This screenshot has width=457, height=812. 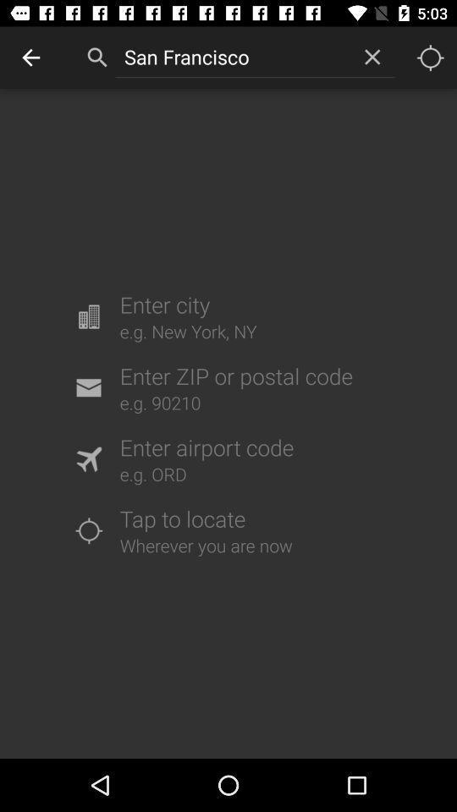 I want to click on the icon at the top right corner of the page, so click(x=430, y=58).